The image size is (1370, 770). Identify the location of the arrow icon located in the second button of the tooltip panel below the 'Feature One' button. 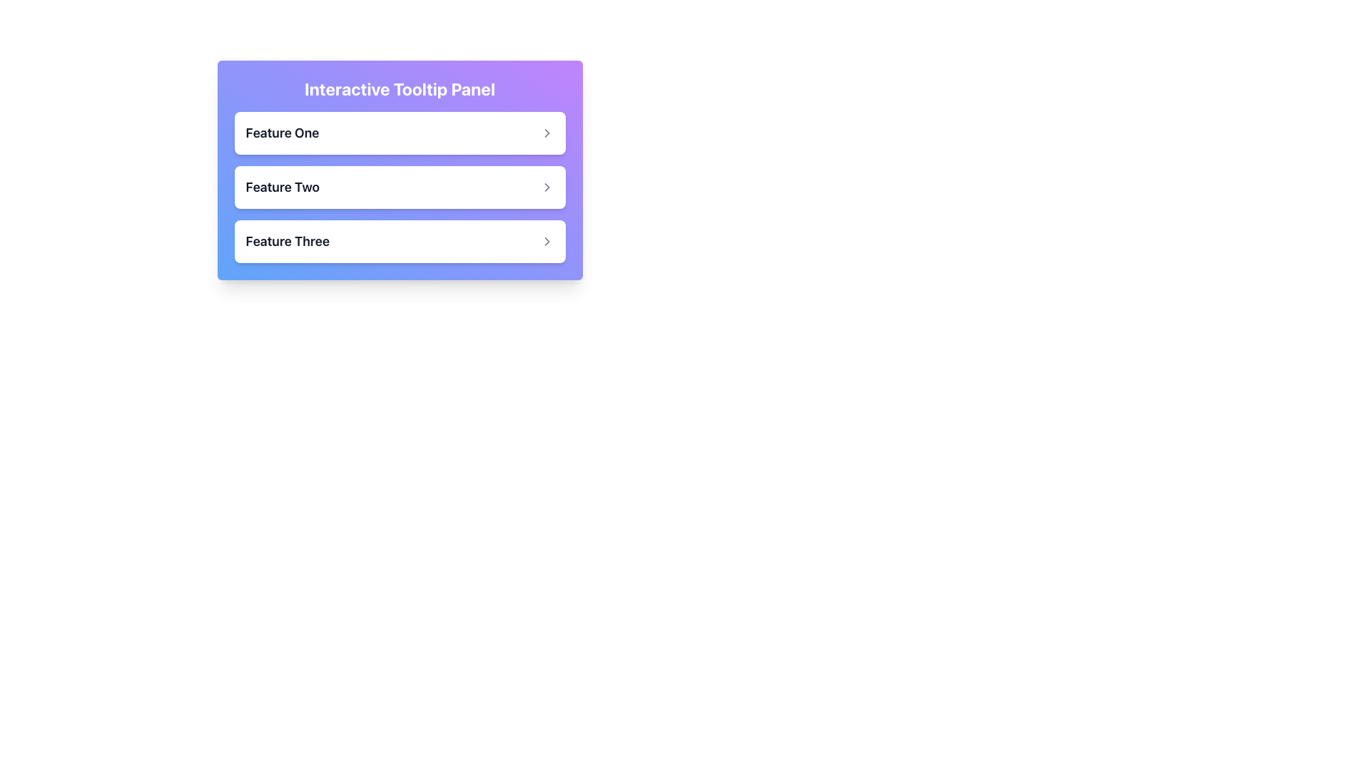
(546, 186).